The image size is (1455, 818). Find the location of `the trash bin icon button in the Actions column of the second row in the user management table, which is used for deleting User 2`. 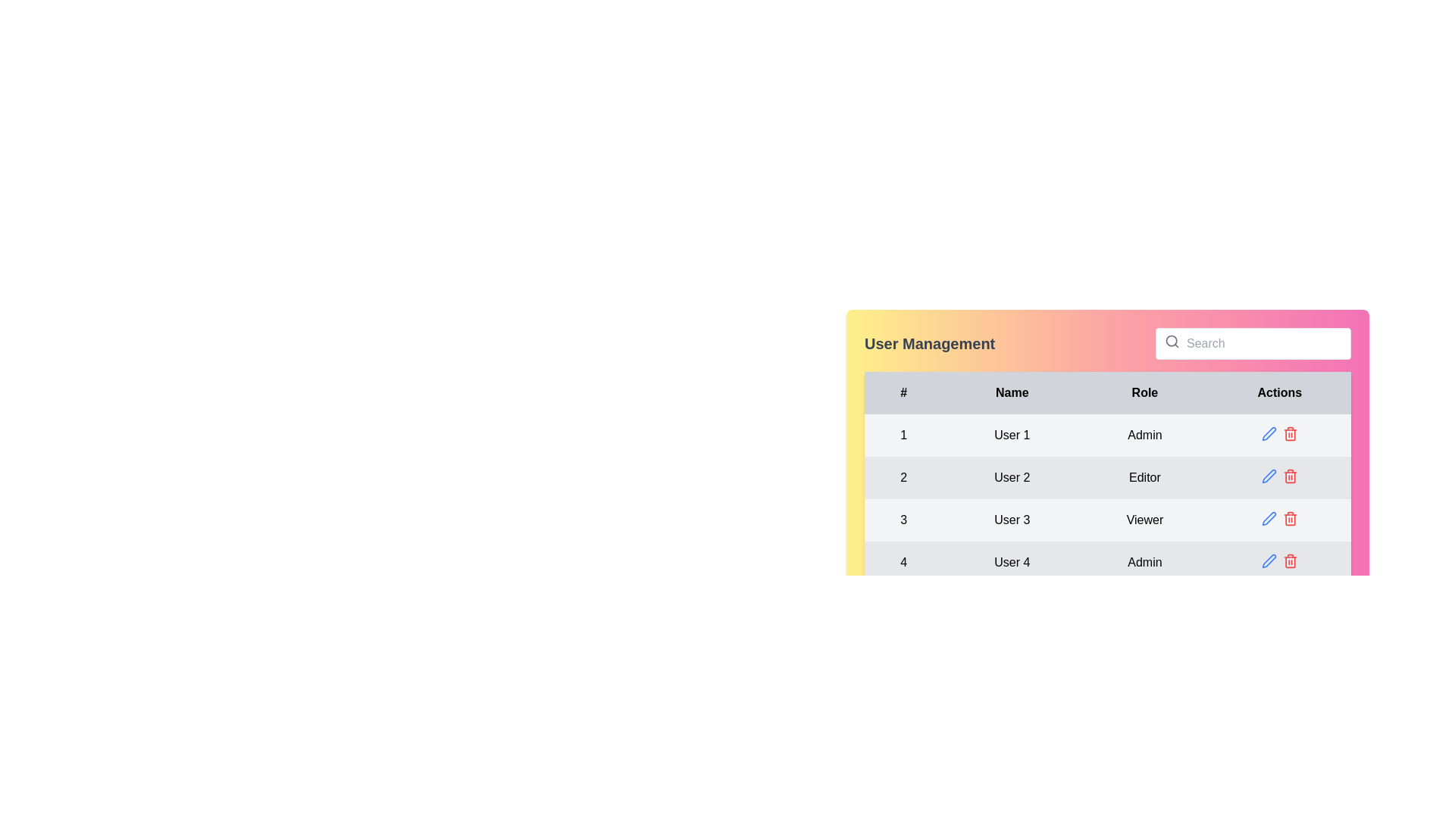

the trash bin icon button in the Actions column of the second row in the user management table, which is used for deleting User 2 is located at coordinates (1289, 475).